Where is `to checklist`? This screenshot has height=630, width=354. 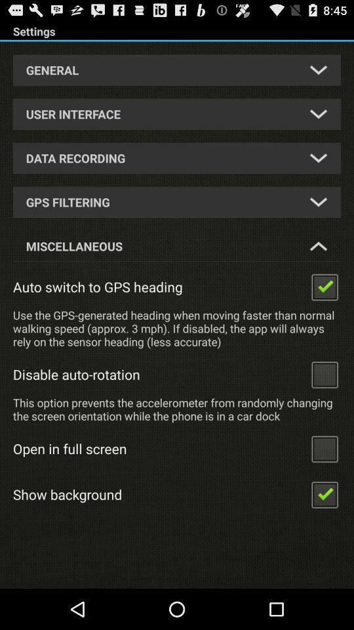 to checklist is located at coordinates (324, 374).